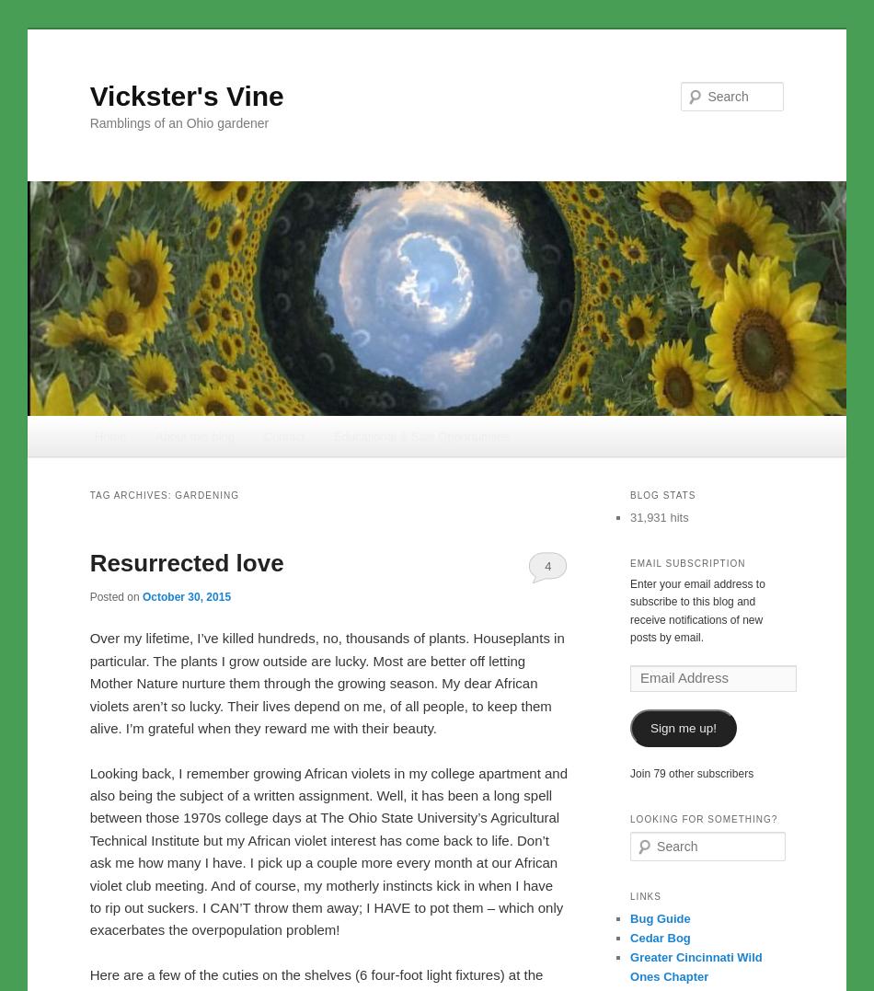  What do you see at coordinates (115, 597) in the screenshot?
I see `'Posted on'` at bounding box center [115, 597].